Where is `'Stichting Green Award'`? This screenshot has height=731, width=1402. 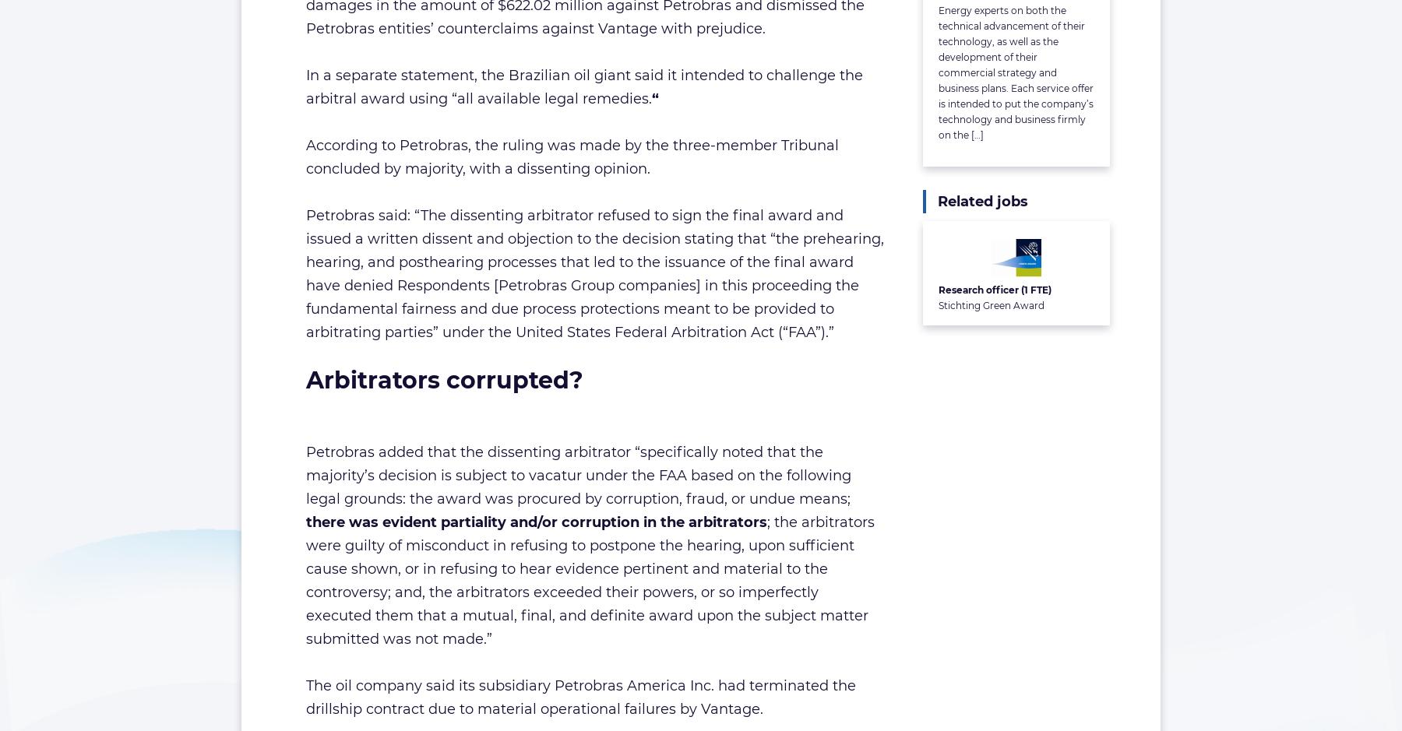
'Stichting Green Award' is located at coordinates (937, 305).